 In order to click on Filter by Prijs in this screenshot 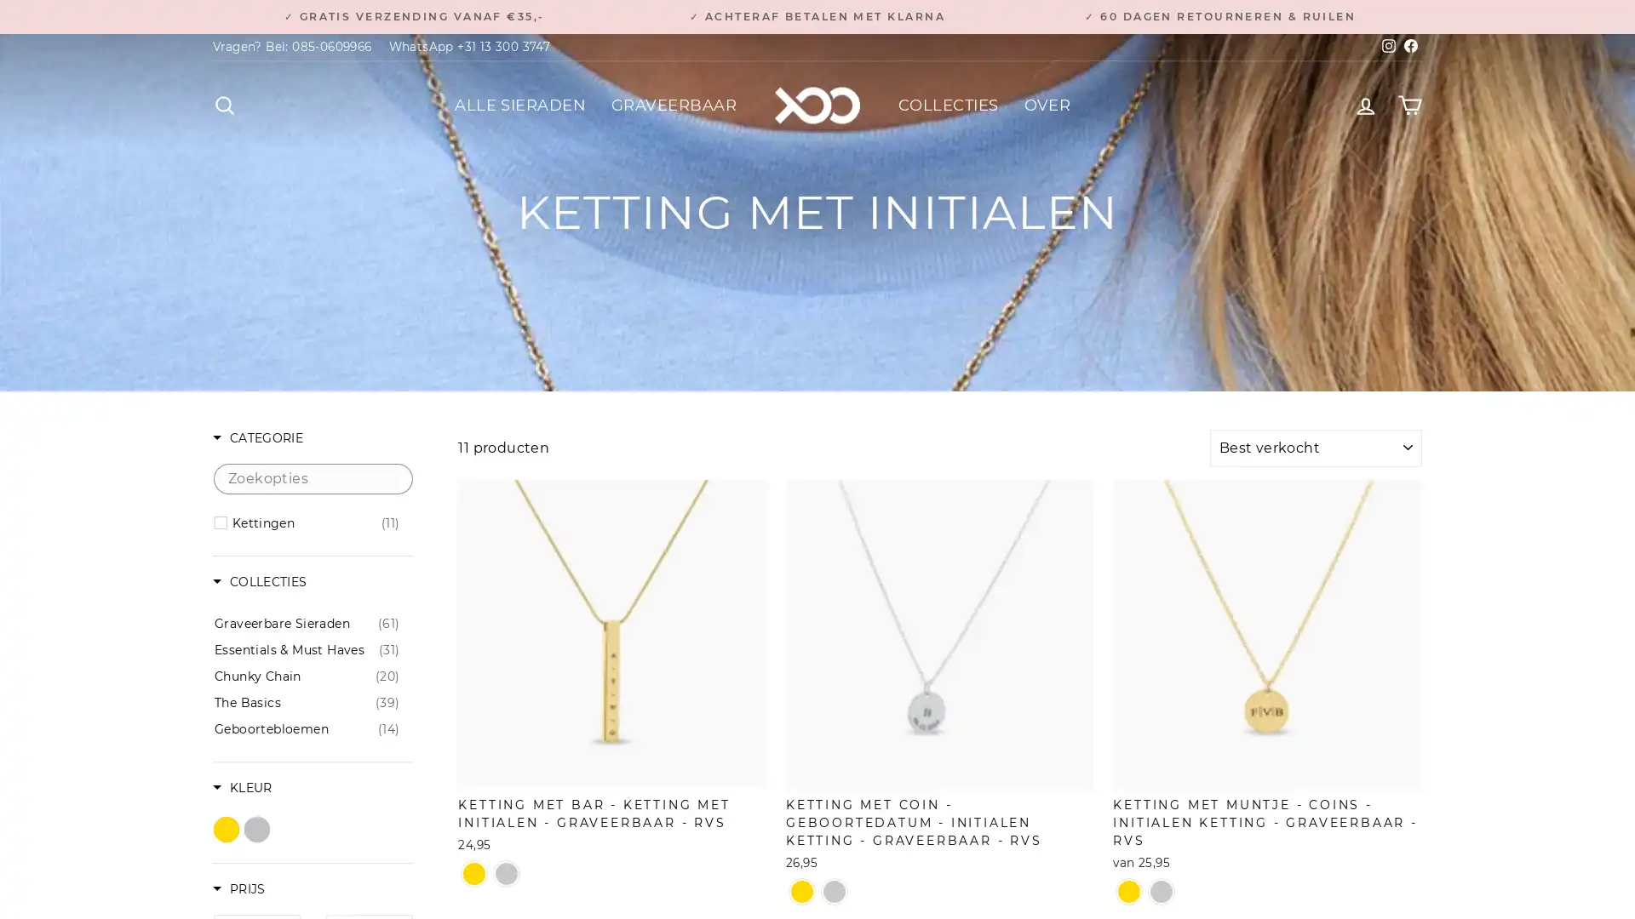, I will do `click(238, 889)`.